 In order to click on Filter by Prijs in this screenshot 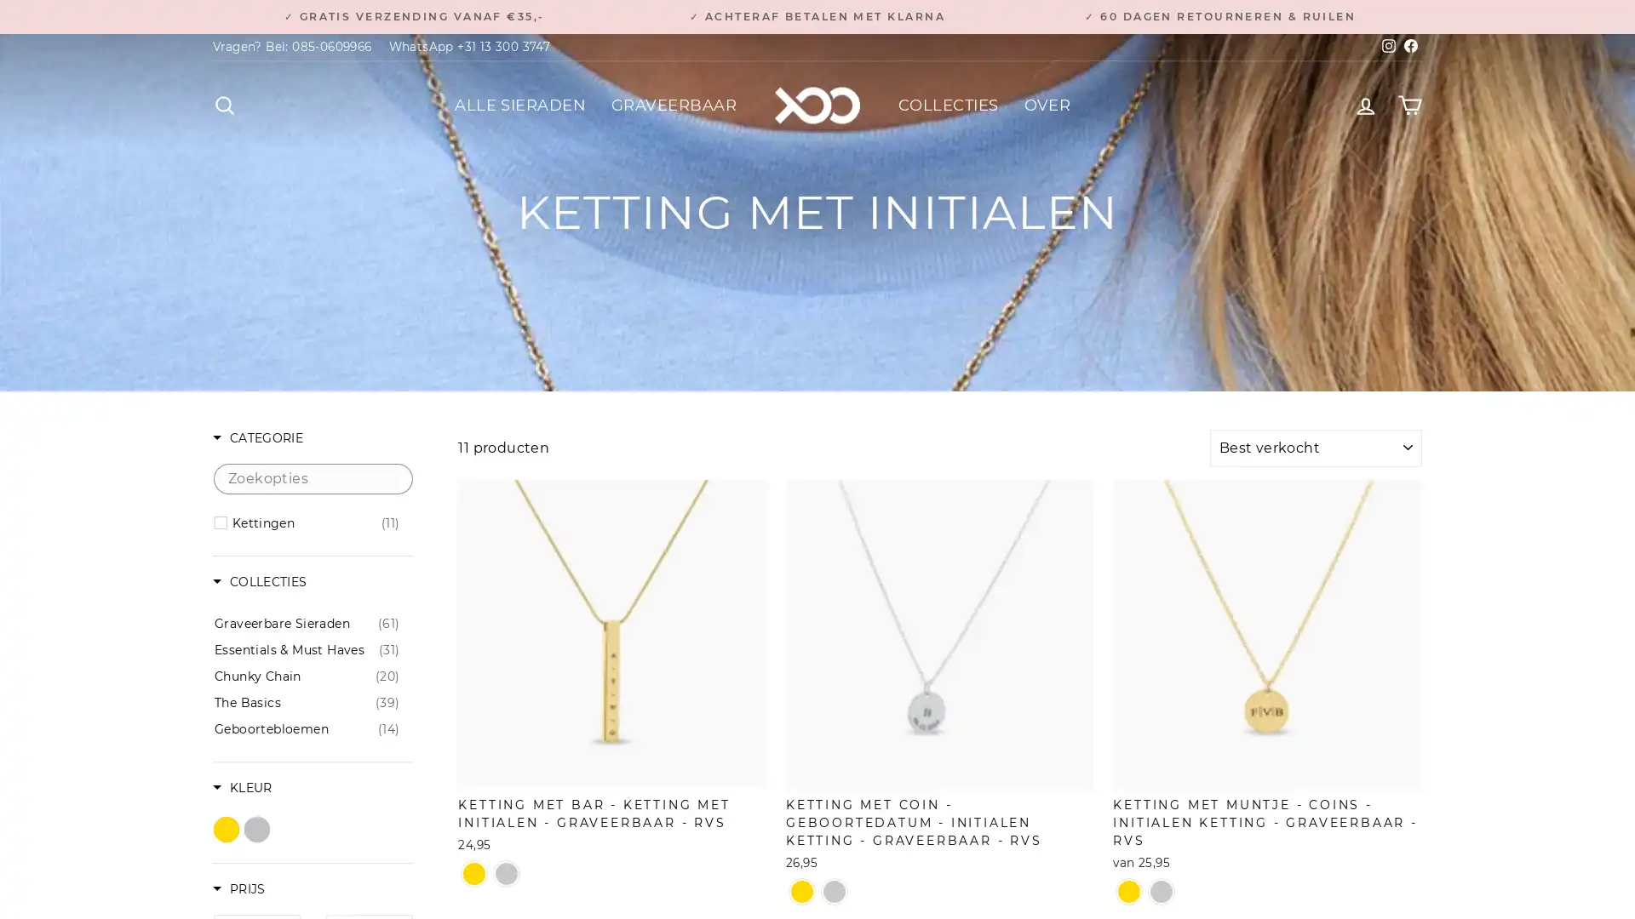, I will do `click(238, 889)`.